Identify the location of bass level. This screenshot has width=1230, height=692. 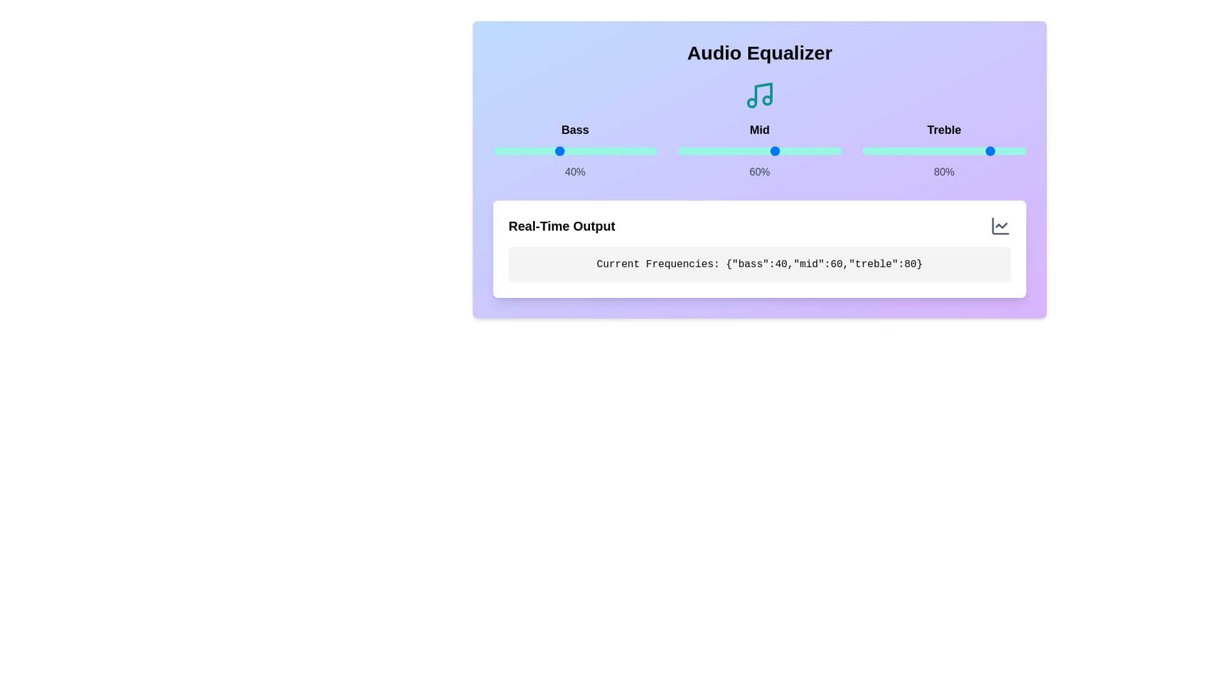
(609, 150).